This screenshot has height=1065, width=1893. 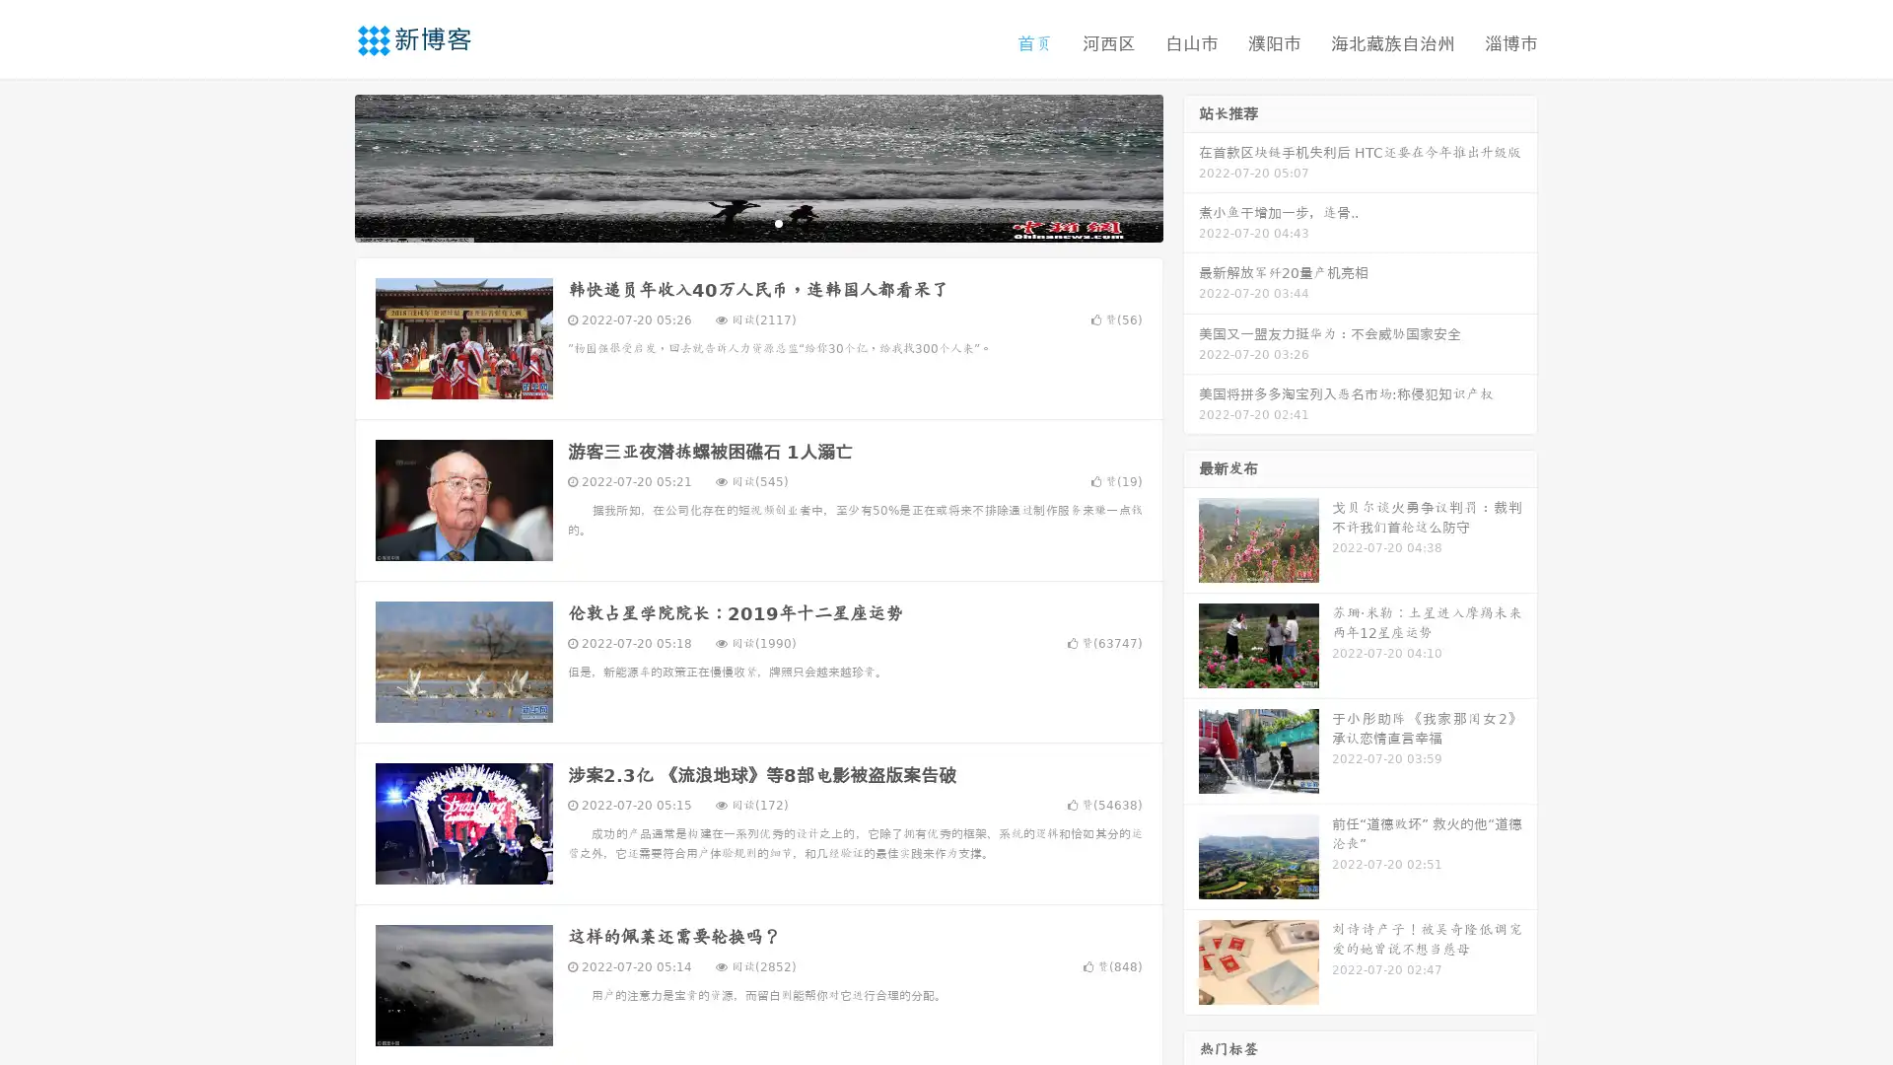 What do you see at coordinates (757, 222) in the screenshot?
I see `Go to slide 2` at bounding box center [757, 222].